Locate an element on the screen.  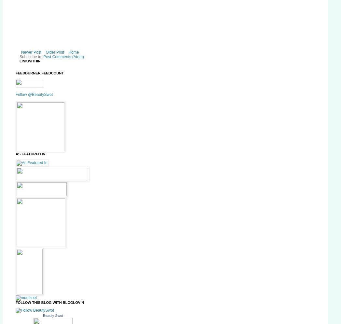
'As Featured In' is located at coordinates (30, 154).